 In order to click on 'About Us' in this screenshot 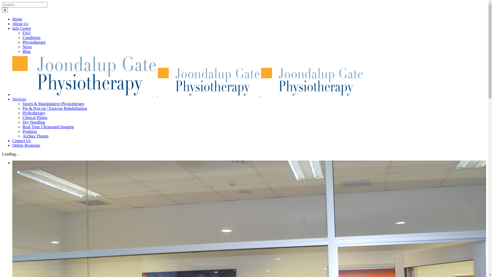, I will do `click(20, 24)`.